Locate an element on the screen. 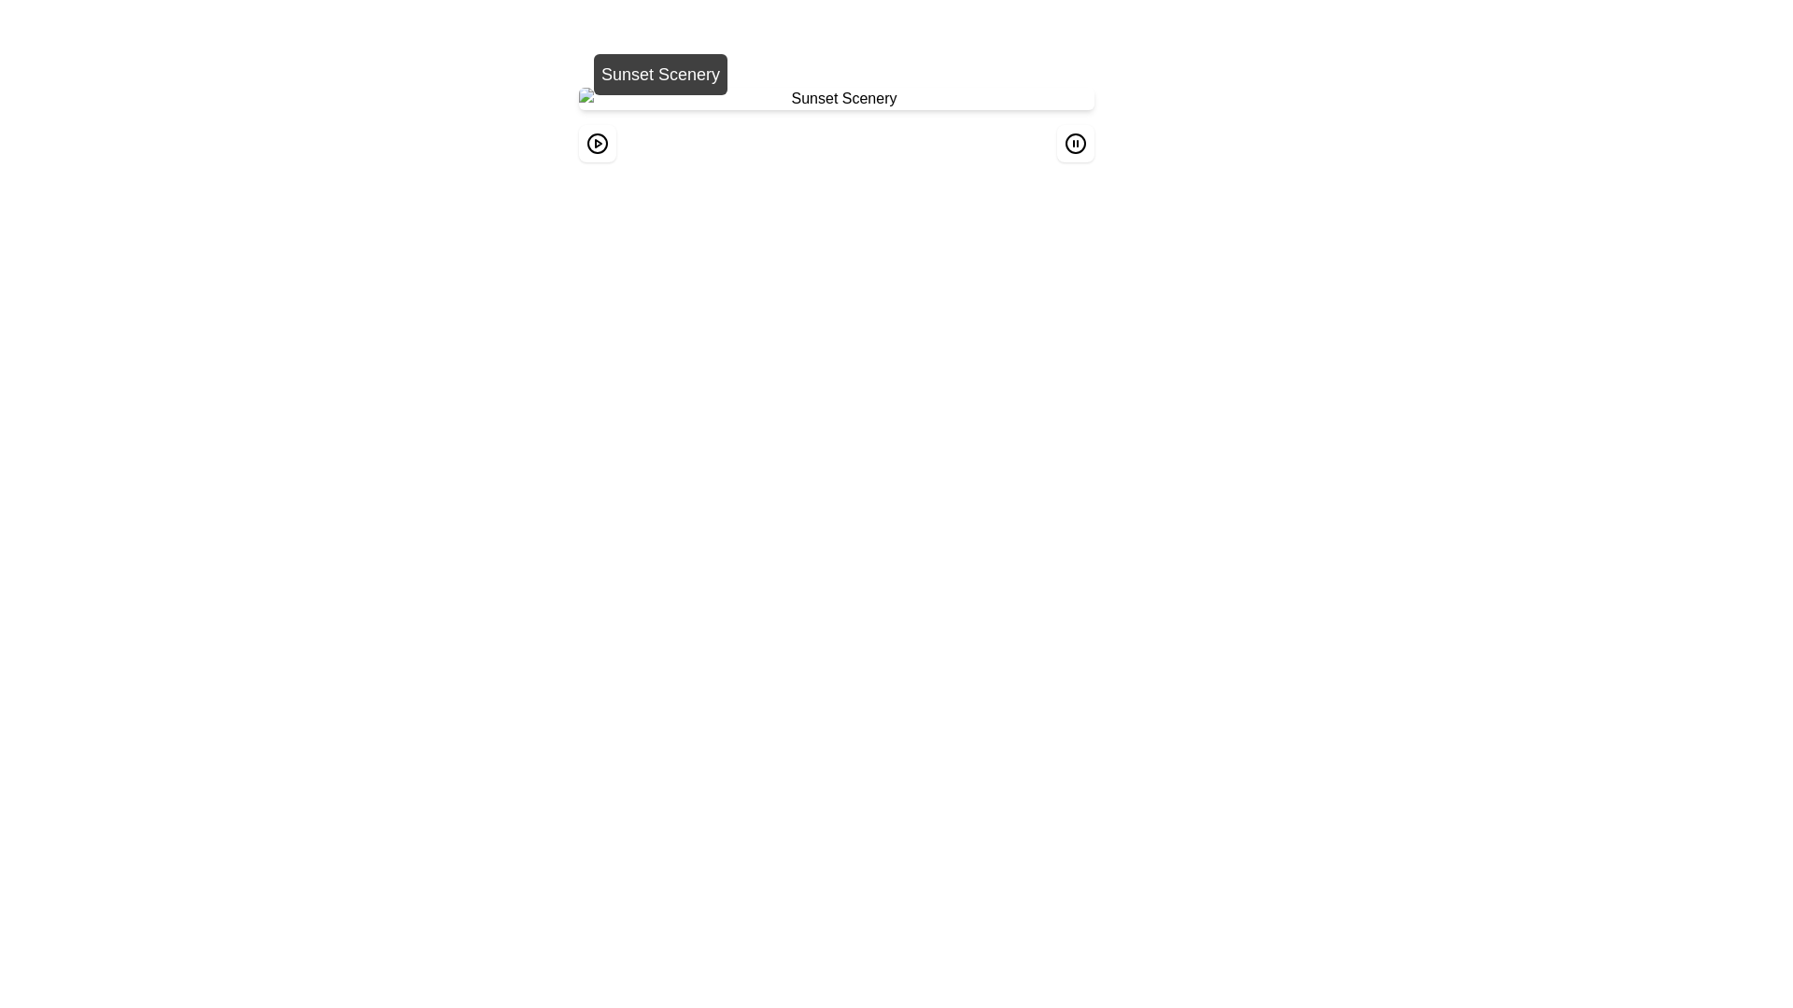 The width and height of the screenshot is (1793, 1008). the circular outline within the play button icon, which is centered and complements the triangular play symbol is located at coordinates (596, 143).